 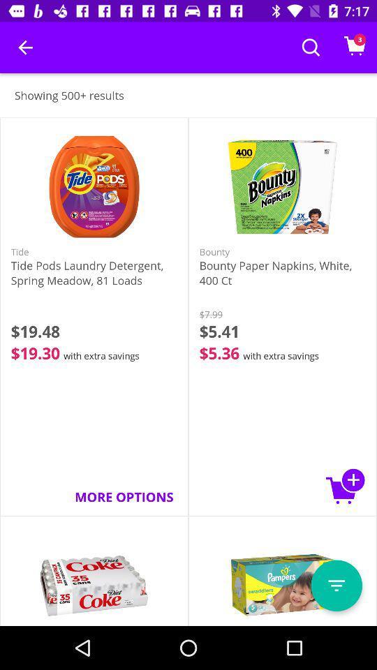 I want to click on overview, so click(x=336, y=586).